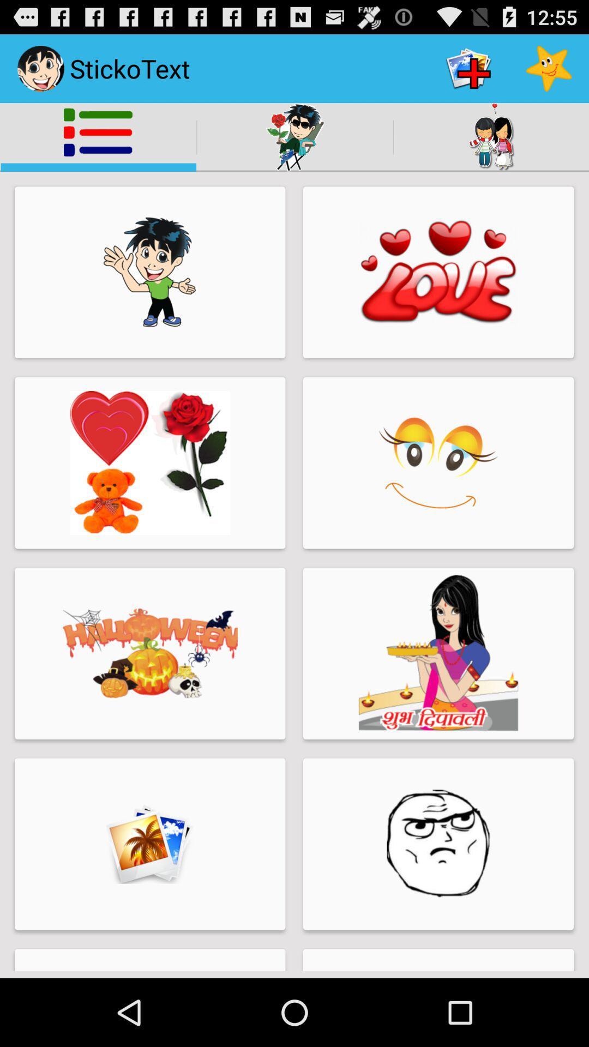 This screenshot has height=1047, width=589. What do you see at coordinates (437, 272) in the screenshot?
I see `the love image with 4 heart emojis above it` at bounding box center [437, 272].